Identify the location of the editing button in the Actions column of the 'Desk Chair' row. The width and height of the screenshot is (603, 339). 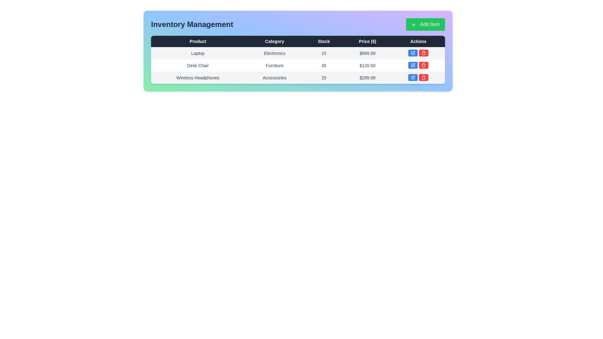
(418, 65).